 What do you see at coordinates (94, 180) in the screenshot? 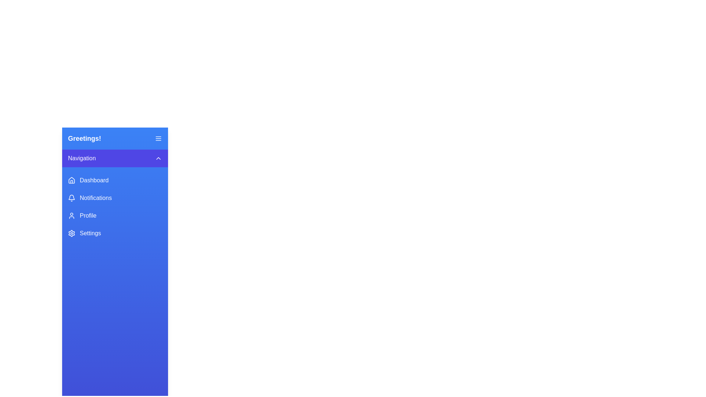
I see `the 'Dashboard' text label located on the left sidebar, which is styled in white text against a blue background` at bounding box center [94, 180].